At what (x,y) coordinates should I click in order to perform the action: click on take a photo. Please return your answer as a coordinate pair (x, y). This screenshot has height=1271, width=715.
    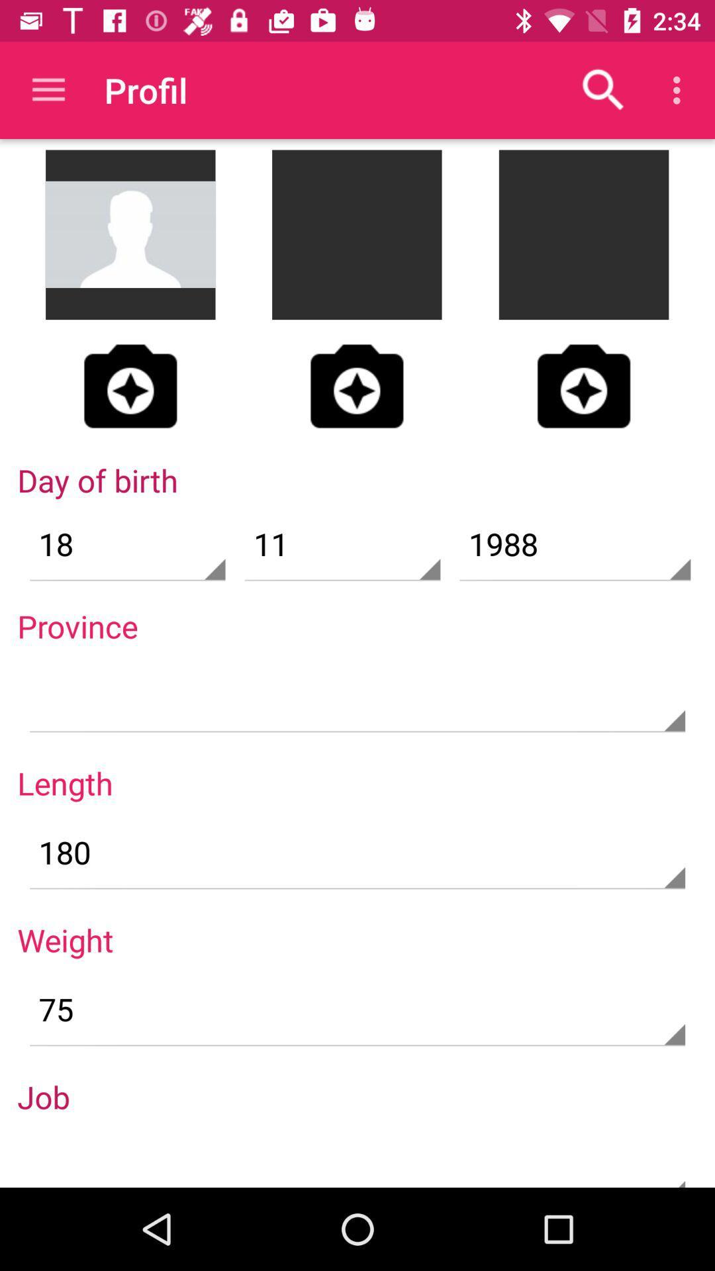
    Looking at the image, I should click on (130, 385).